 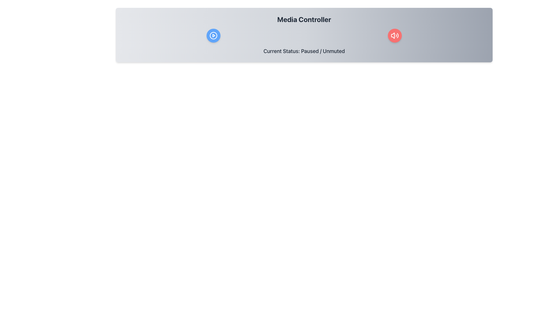 I want to click on the media playback control button, which is located at the far left of two similar buttons in a horizontal arrangement, so click(x=213, y=36).